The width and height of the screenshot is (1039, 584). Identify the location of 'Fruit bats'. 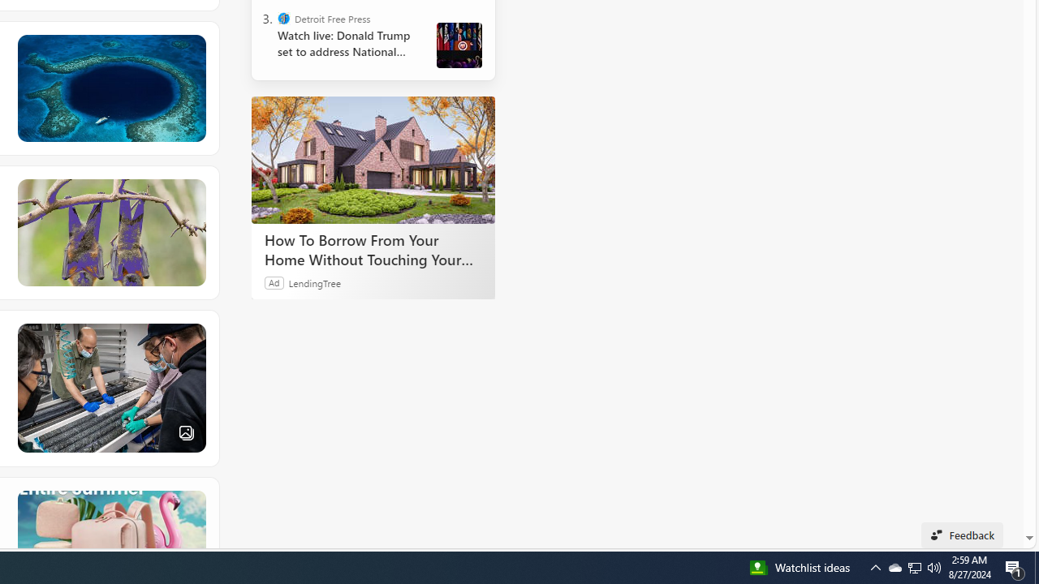
(110, 232).